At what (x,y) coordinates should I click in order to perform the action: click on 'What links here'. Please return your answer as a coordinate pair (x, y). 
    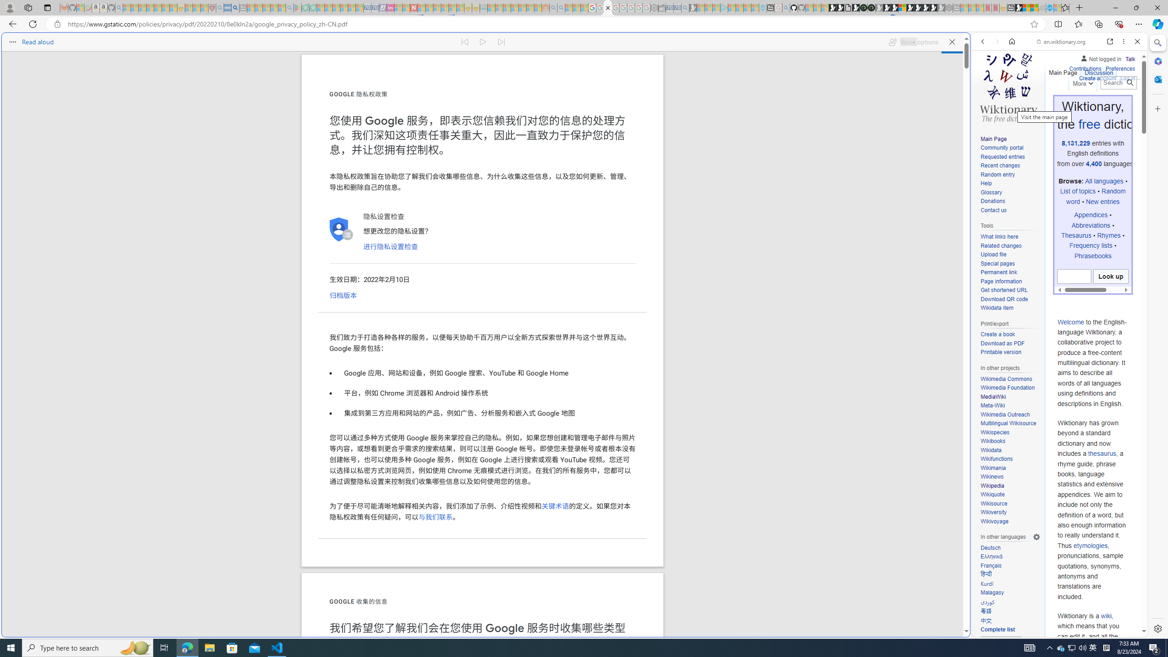
    Looking at the image, I should click on (1010, 236).